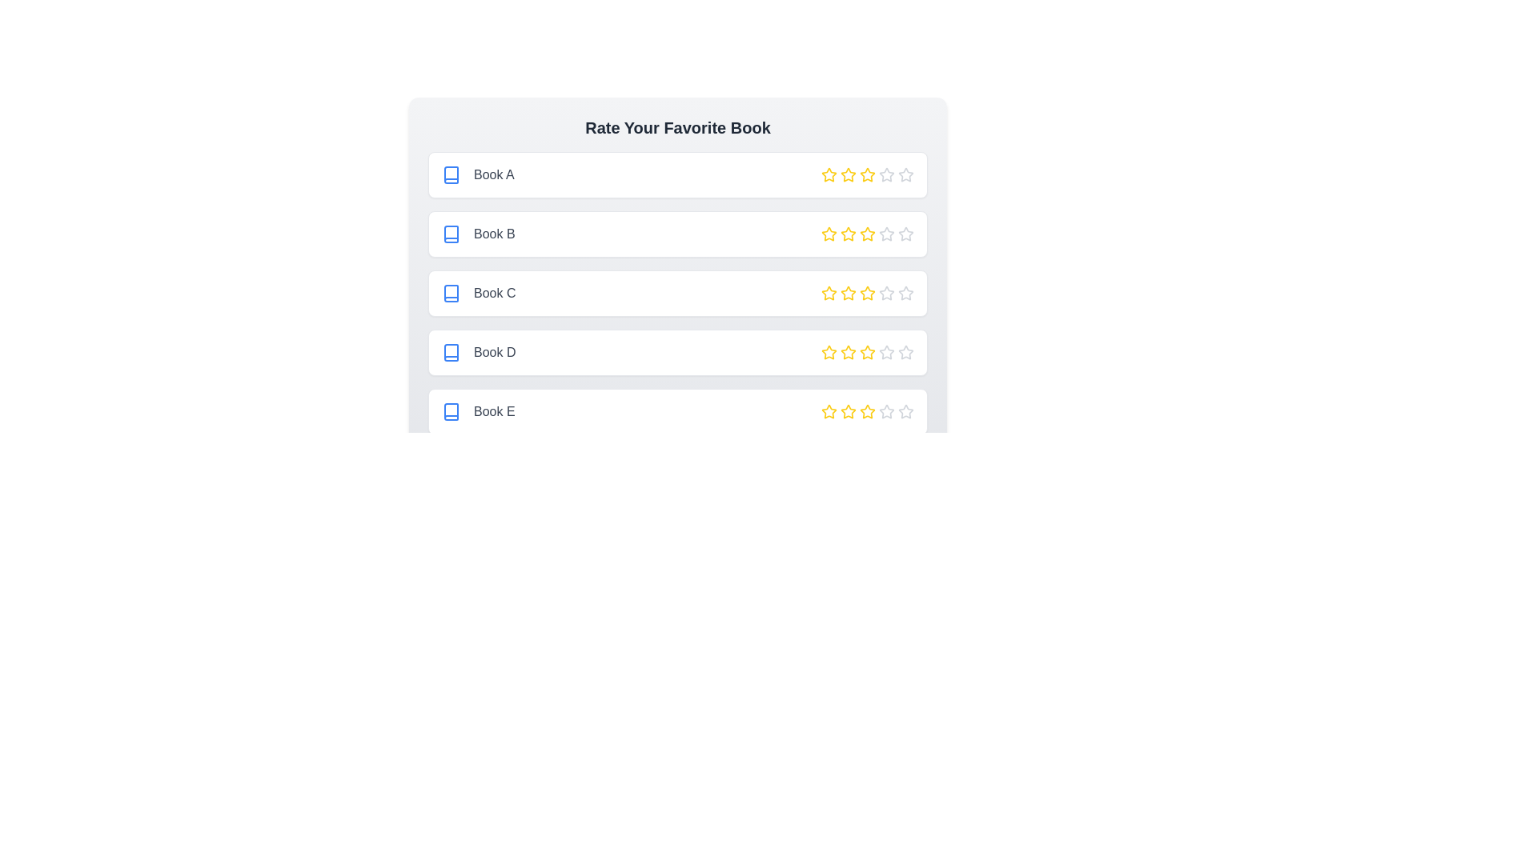  What do you see at coordinates (906, 175) in the screenshot?
I see `the star corresponding to 5 stars for the book titled Book A` at bounding box center [906, 175].